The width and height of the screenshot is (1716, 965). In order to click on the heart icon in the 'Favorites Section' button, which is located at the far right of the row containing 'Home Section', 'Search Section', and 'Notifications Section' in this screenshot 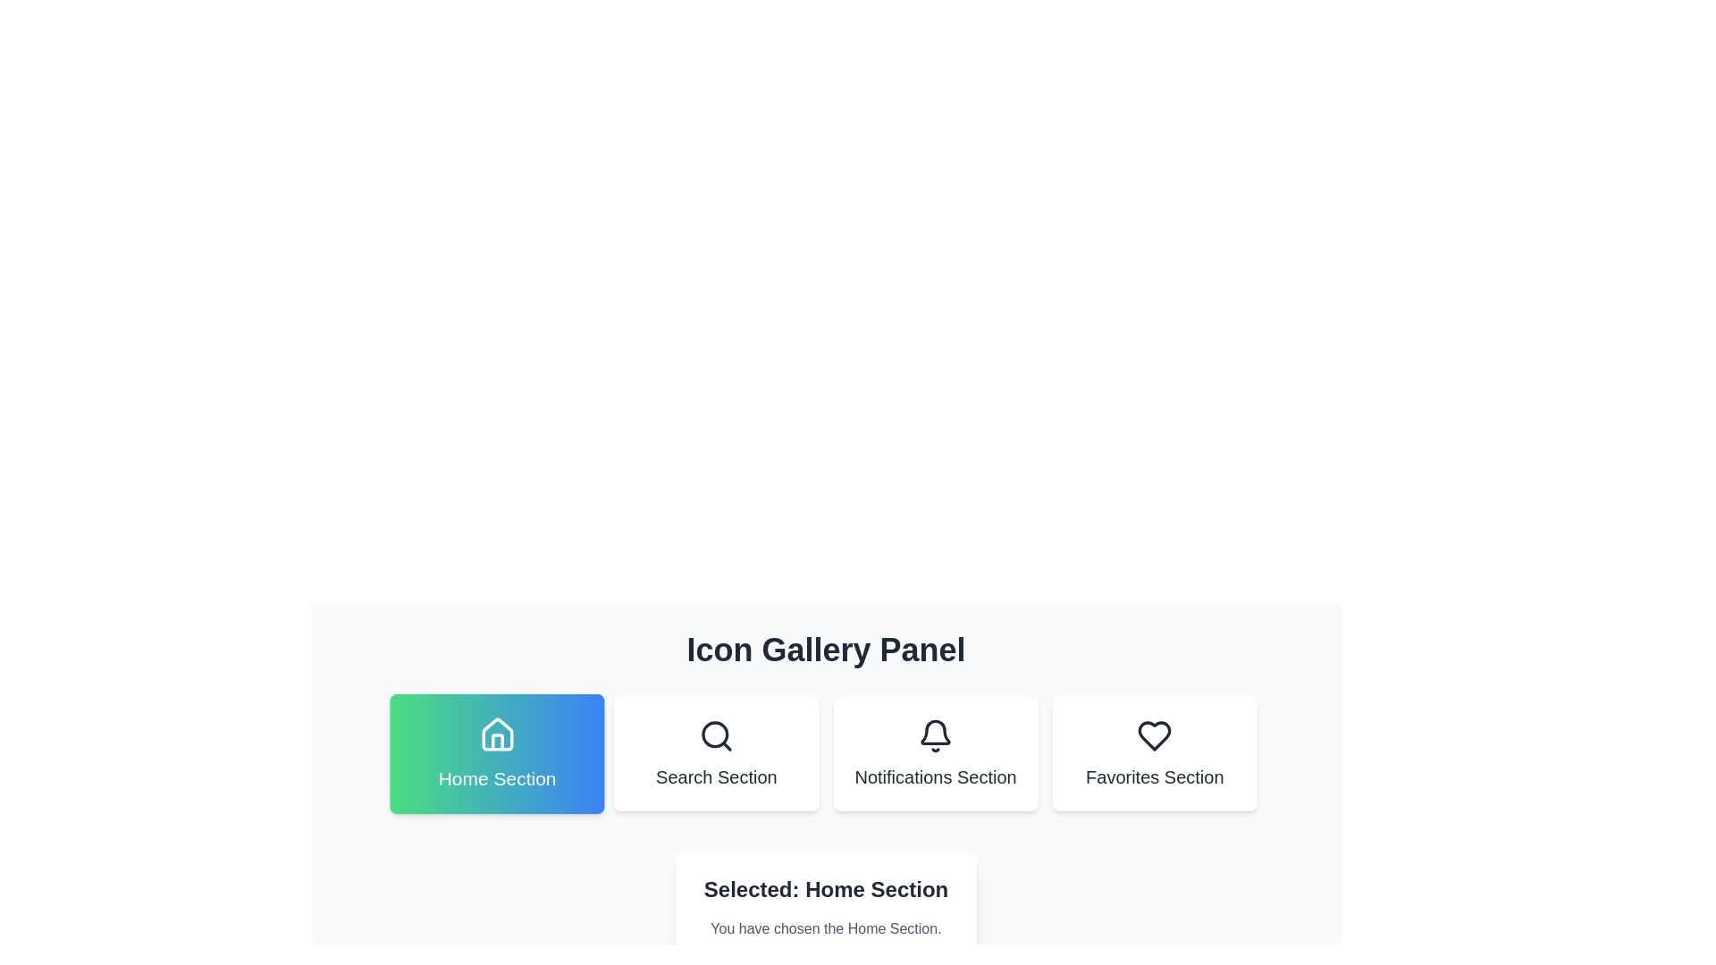, I will do `click(1155, 736)`.